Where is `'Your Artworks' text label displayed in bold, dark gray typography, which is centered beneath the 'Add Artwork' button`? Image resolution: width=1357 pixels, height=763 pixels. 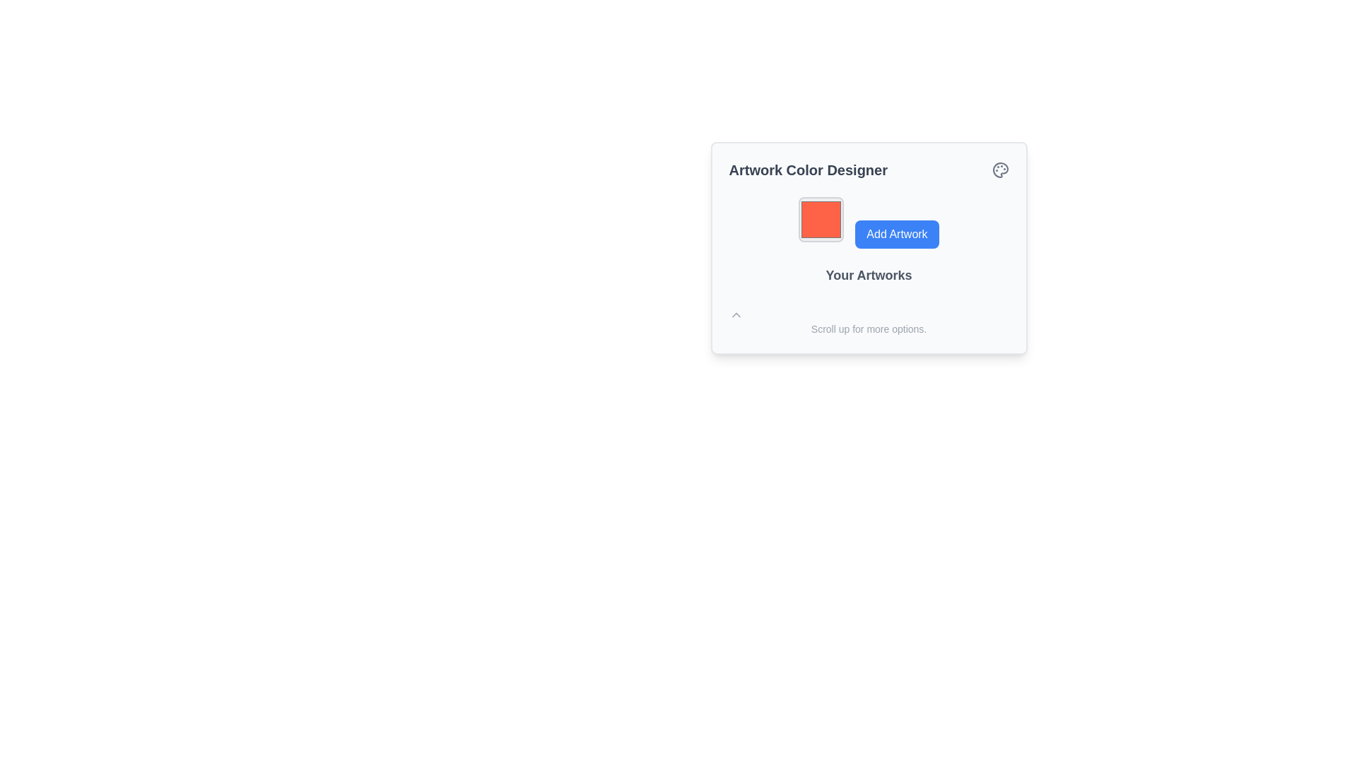
'Your Artworks' text label displayed in bold, dark gray typography, which is centered beneath the 'Add Artwork' button is located at coordinates (868, 275).